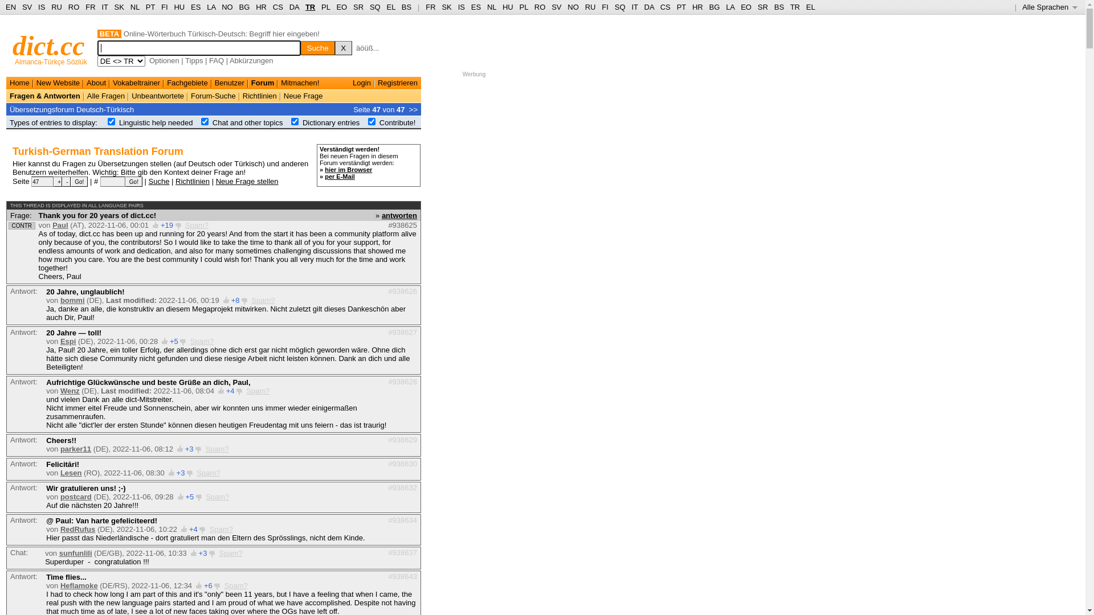 Image resolution: width=1094 pixels, height=615 pixels. What do you see at coordinates (211, 7) in the screenshot?
I see `'LA'` at bounding box center [211, 7].